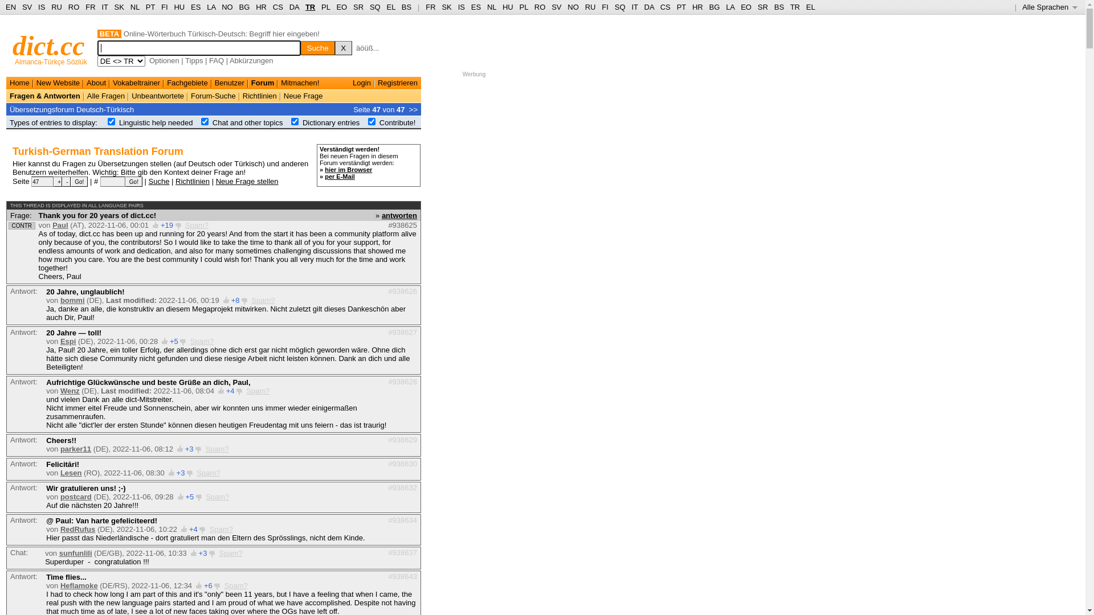 Image resolution: width=1094 pixels, height=615 pixels. What do you see at coordinates (211, 7) in the screenshot?
I see `'LA'` at bounding box center [211, 7].